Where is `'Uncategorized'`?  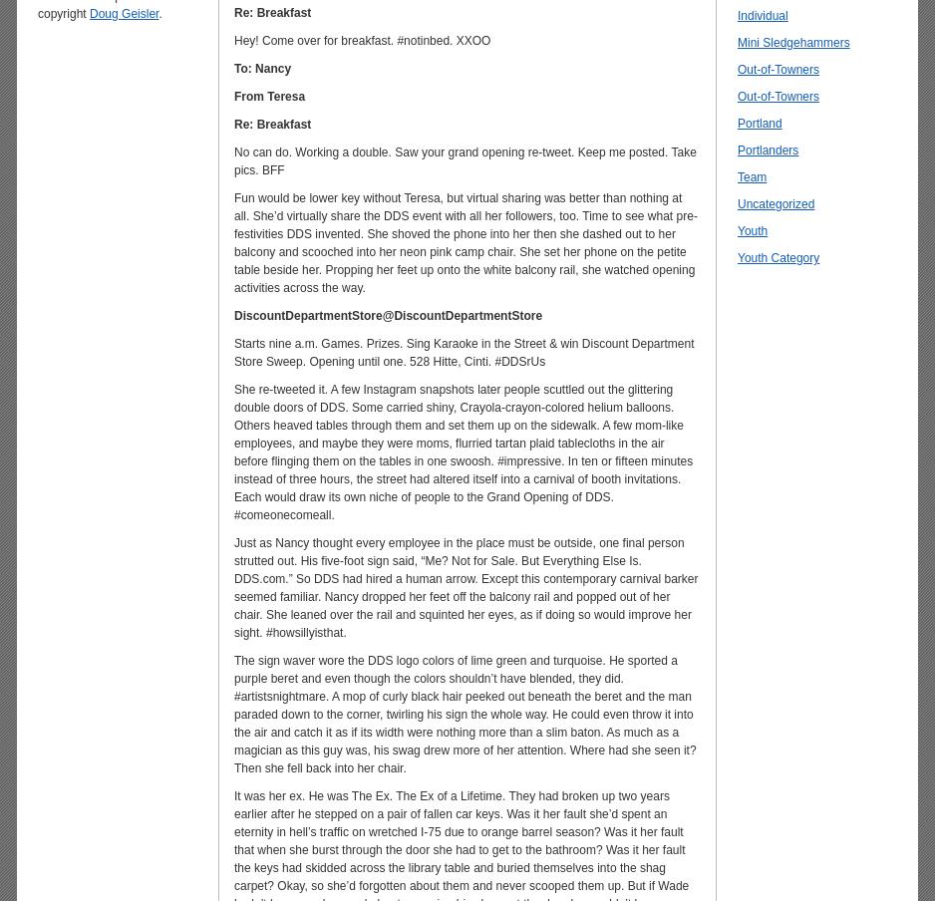
'Uncategorized' is located at coordinates (775, 204).